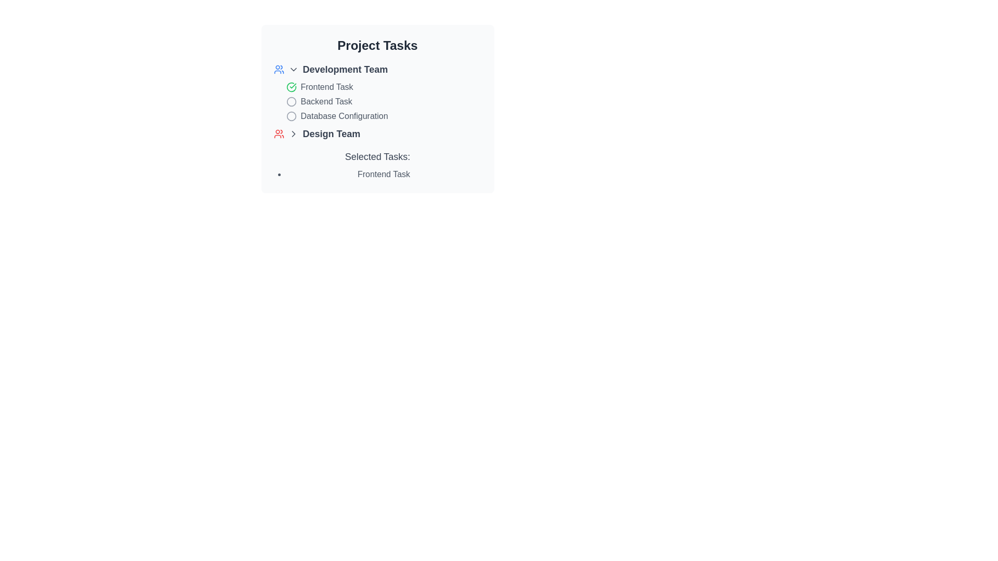  I want to click on the circular outline graphical element that is the innermost circle in the group under the 'Database Configuration' label, so click(291, 102).